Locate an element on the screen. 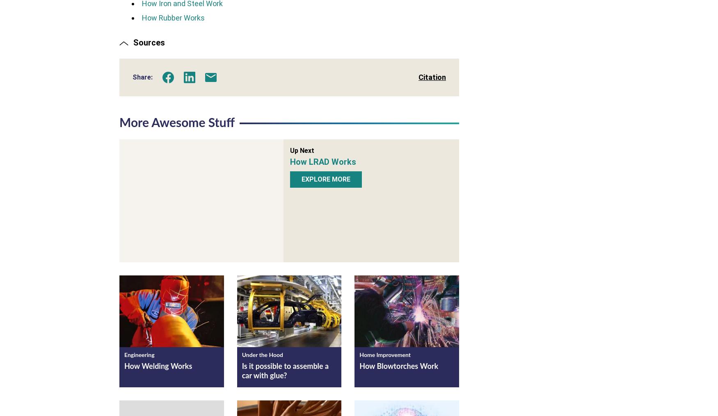  'Citation' is located at coordinates (432, 77).